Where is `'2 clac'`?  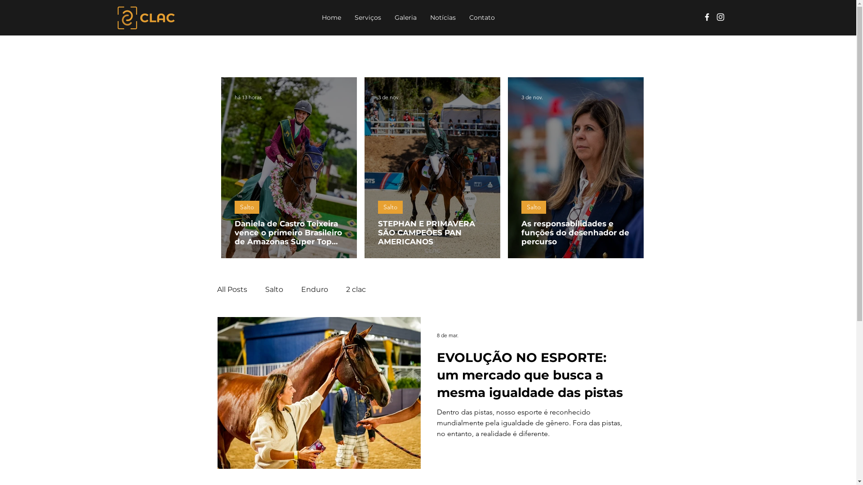
'2 clac' is located at coordinates (356, 289).